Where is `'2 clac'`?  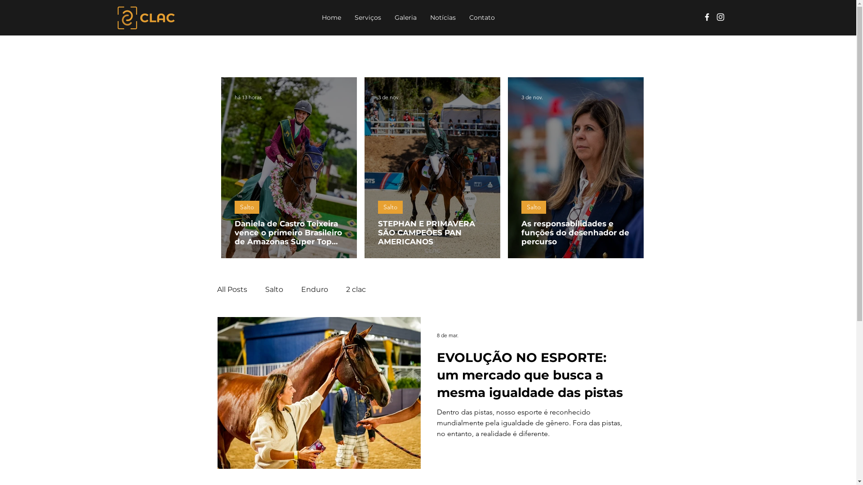
'2 clac' is located at coordinates (356, 289).